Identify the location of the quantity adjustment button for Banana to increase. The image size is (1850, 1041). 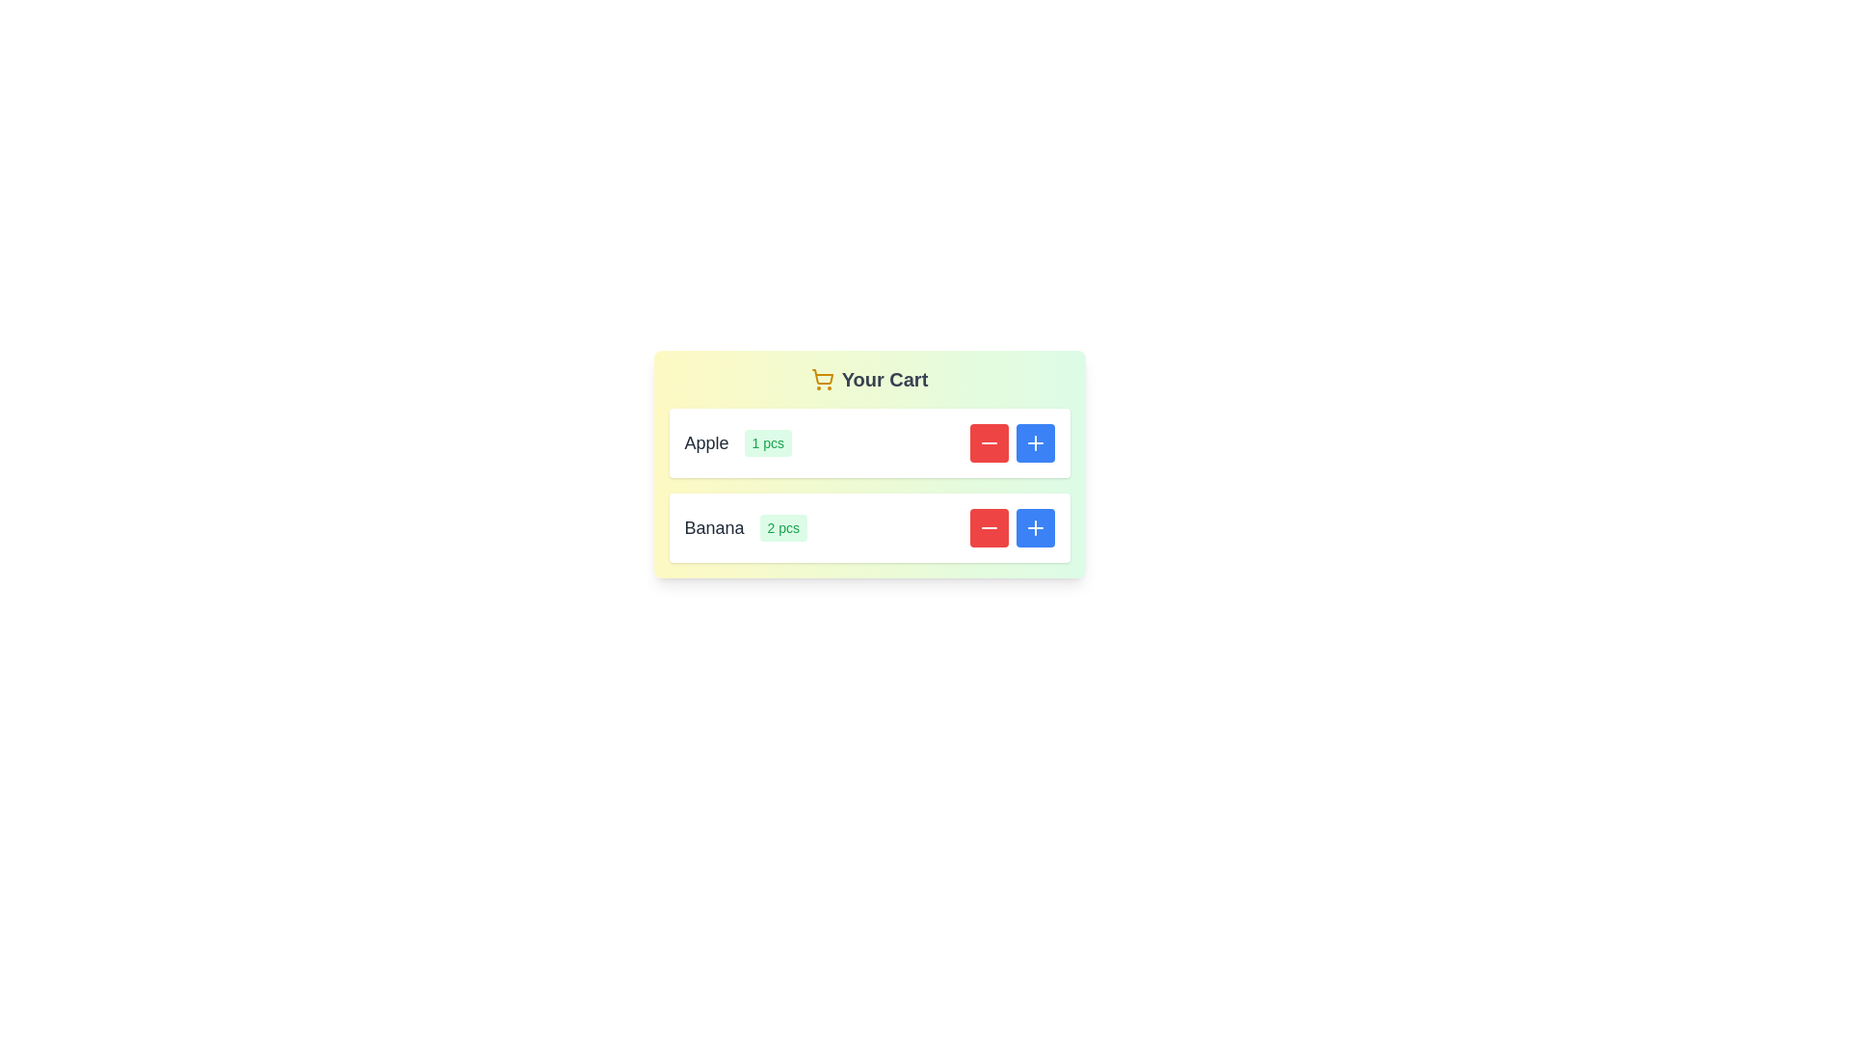
(1034, 527).